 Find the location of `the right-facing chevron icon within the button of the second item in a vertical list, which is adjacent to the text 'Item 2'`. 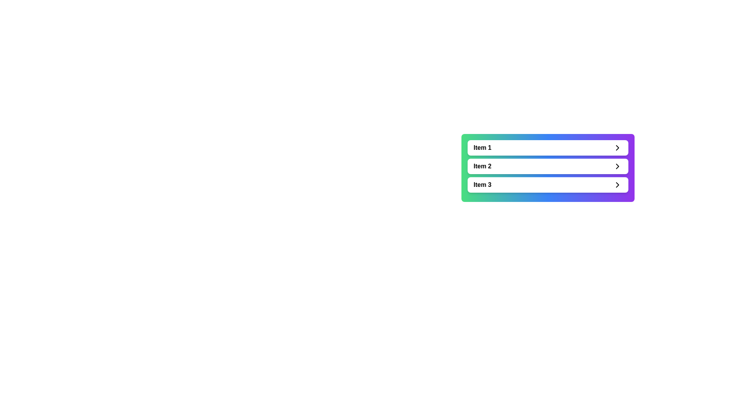

the right-facing chevron icon within the button of the second item in a vertical list, which is adjacent to the text 'Item 2' is located at coordinates (617, 166).